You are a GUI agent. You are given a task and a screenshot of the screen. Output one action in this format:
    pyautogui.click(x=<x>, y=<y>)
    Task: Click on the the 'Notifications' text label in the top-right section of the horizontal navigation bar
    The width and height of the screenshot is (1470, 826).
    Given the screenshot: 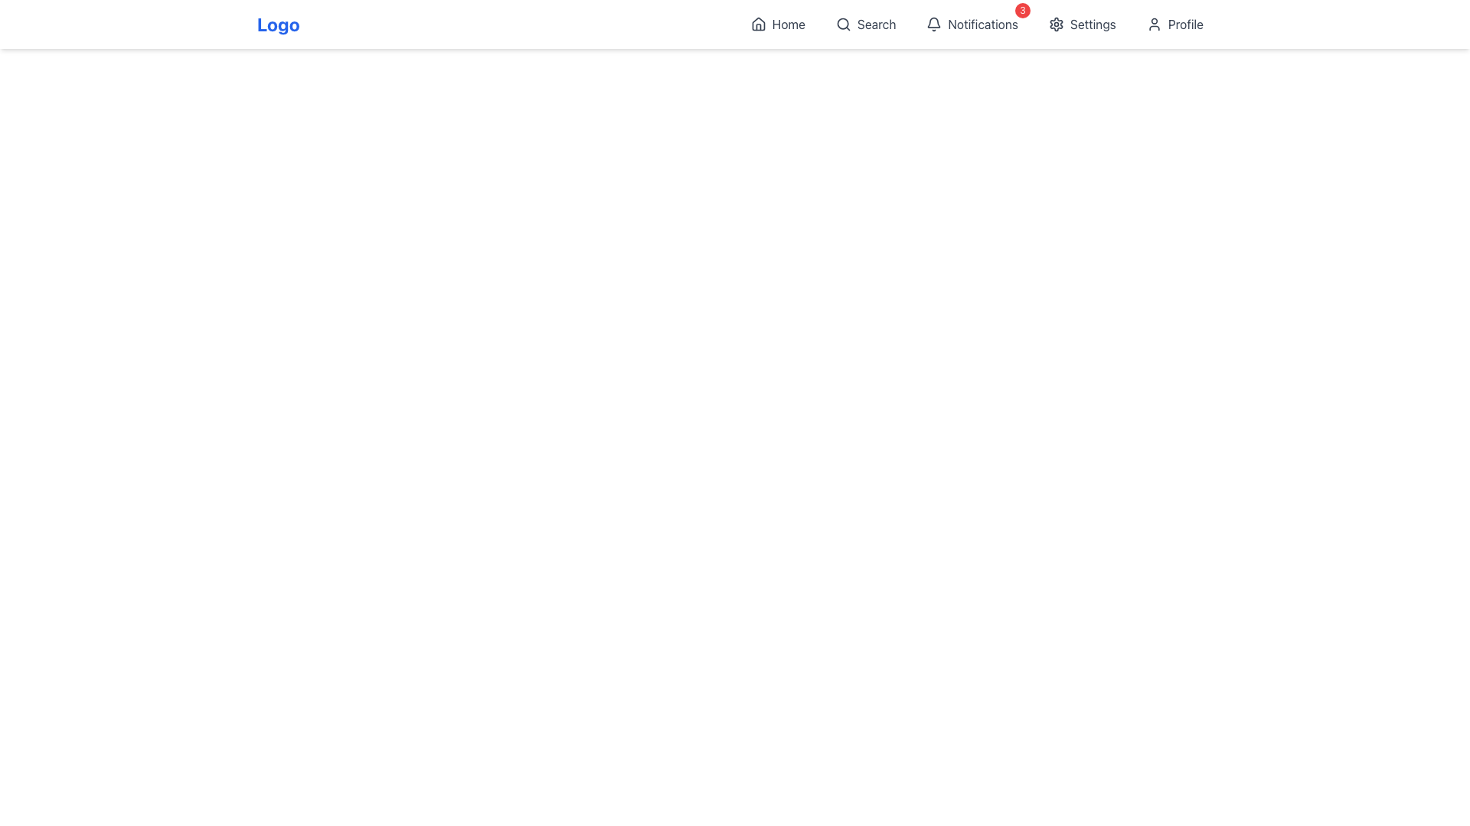 What is the action you would take?
    pyautogui.click(x=983, y=24)
    